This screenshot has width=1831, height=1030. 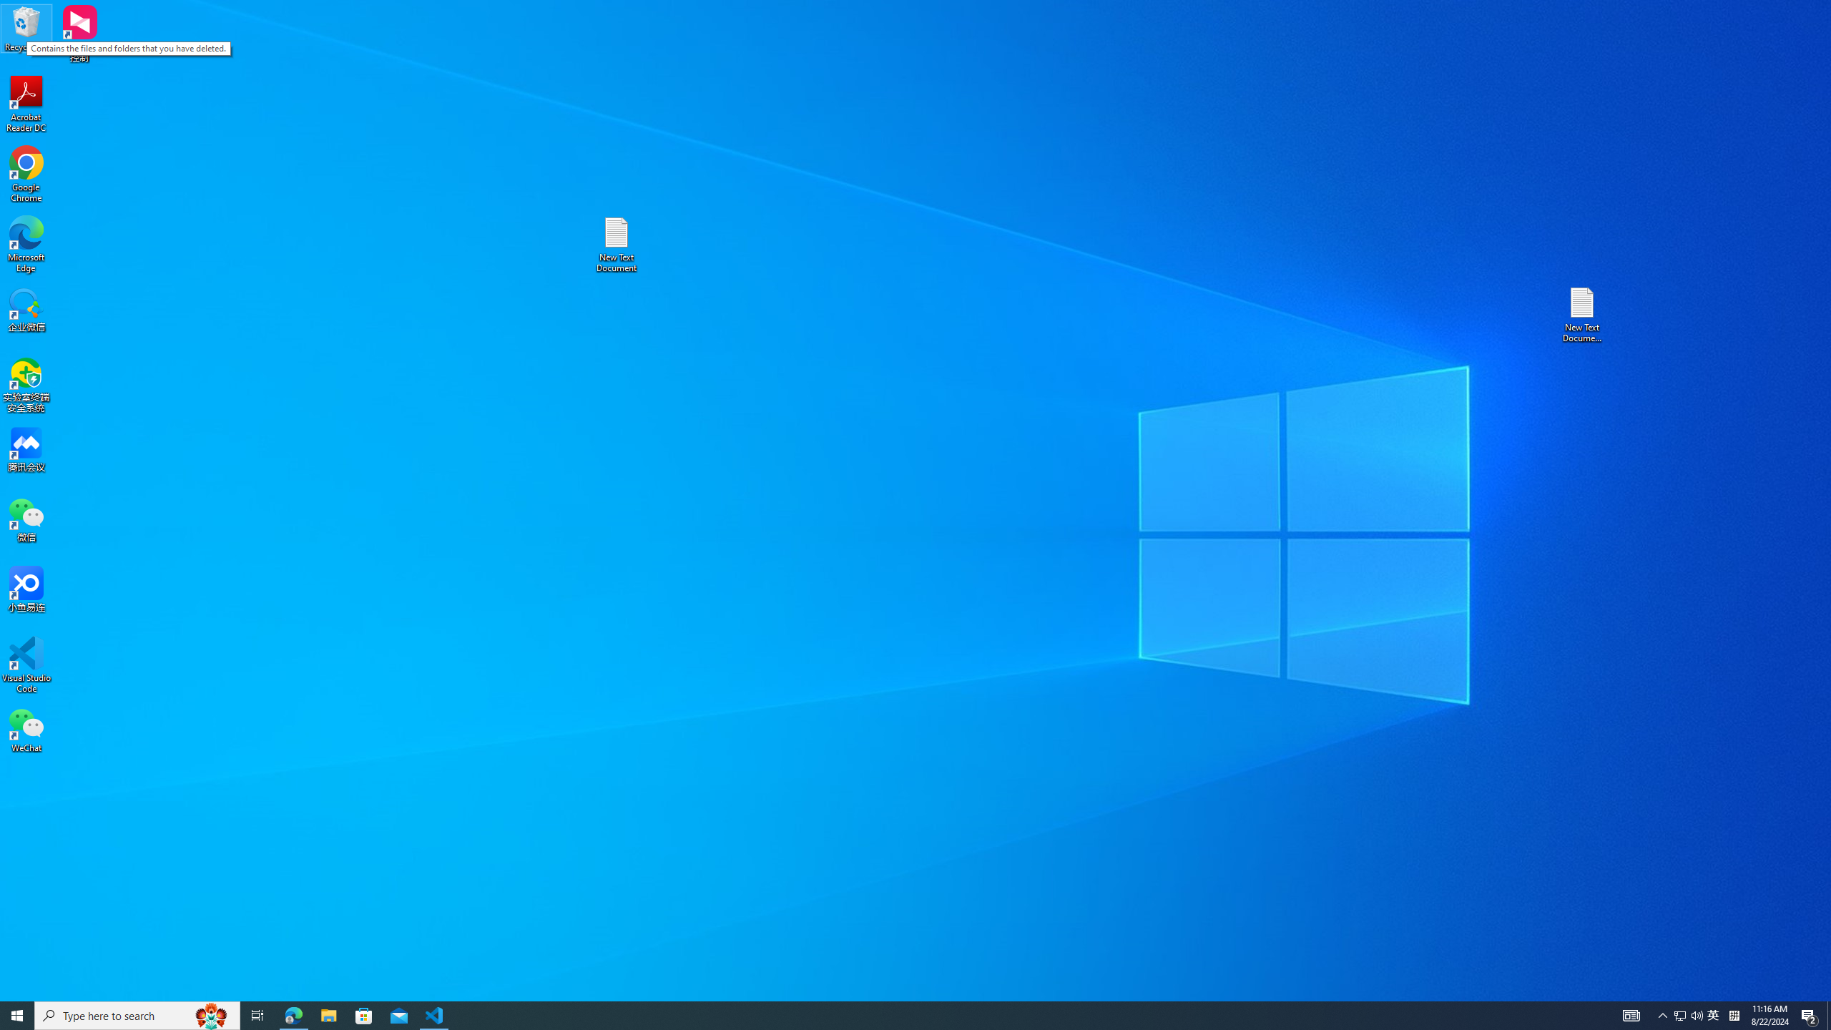 I want to click on 'Q2790: 100%', so click(x=1697, y=1014).